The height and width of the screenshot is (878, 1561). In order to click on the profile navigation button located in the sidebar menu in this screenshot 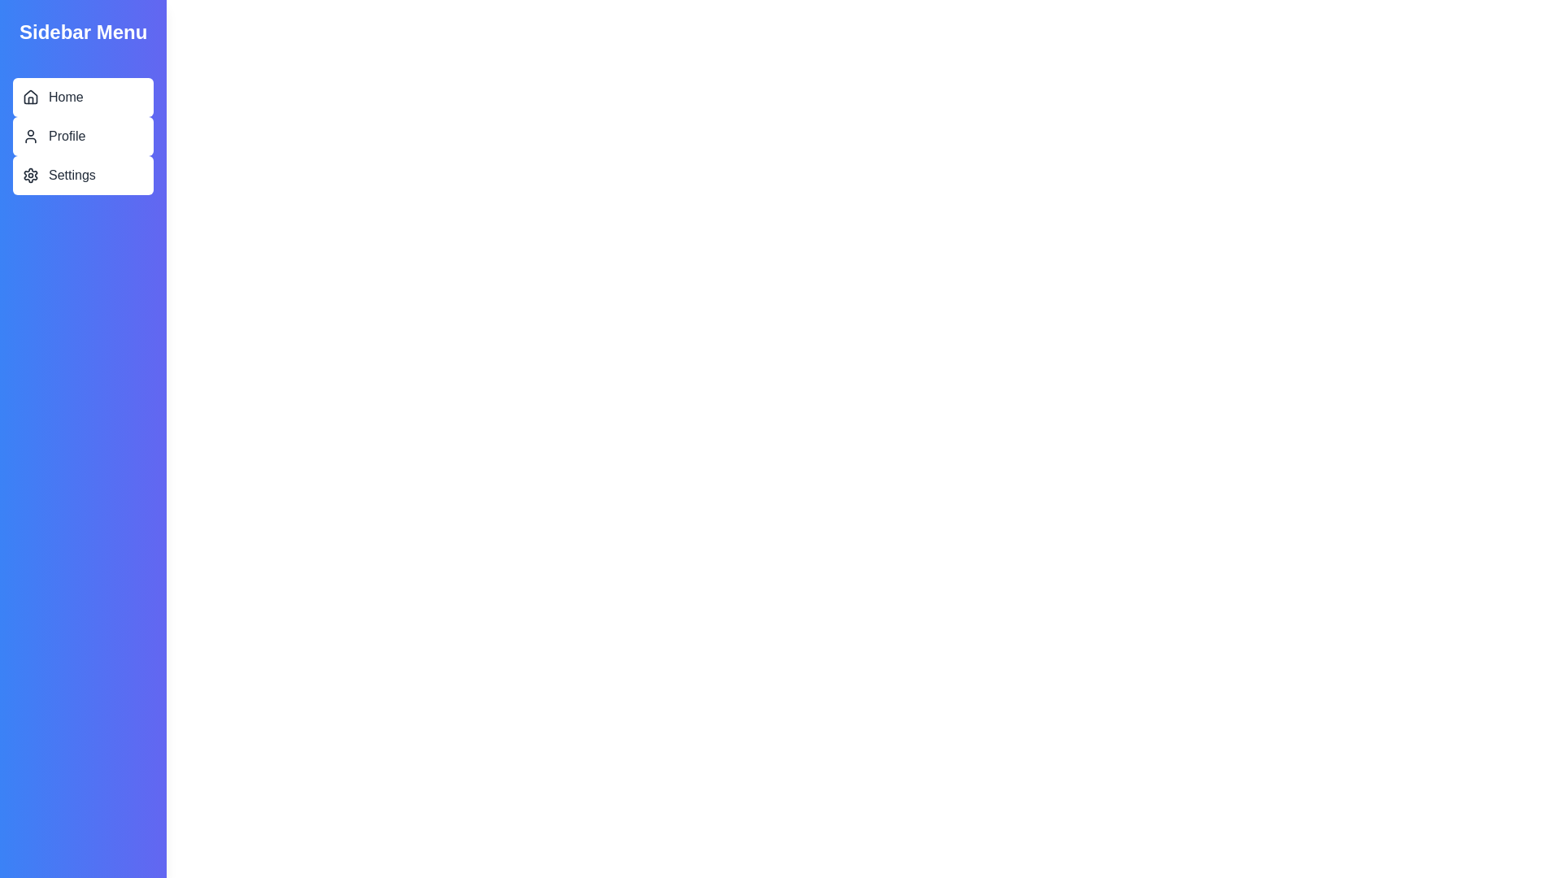, I will do `click(82, 136)`.